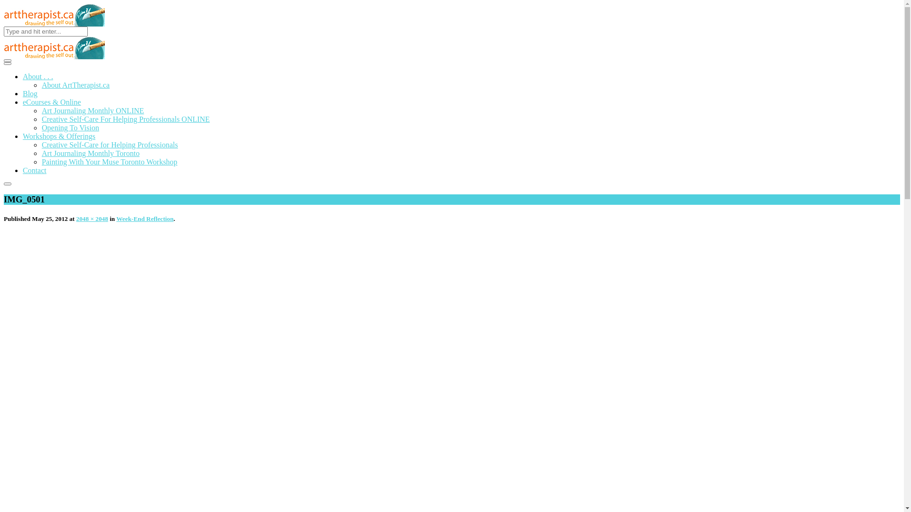 Image resolution: width=911 pixels, height=512 pixels. Describe the element at coordinates (23, 76) in the screenshot. I see `'About . . .'` at that location.